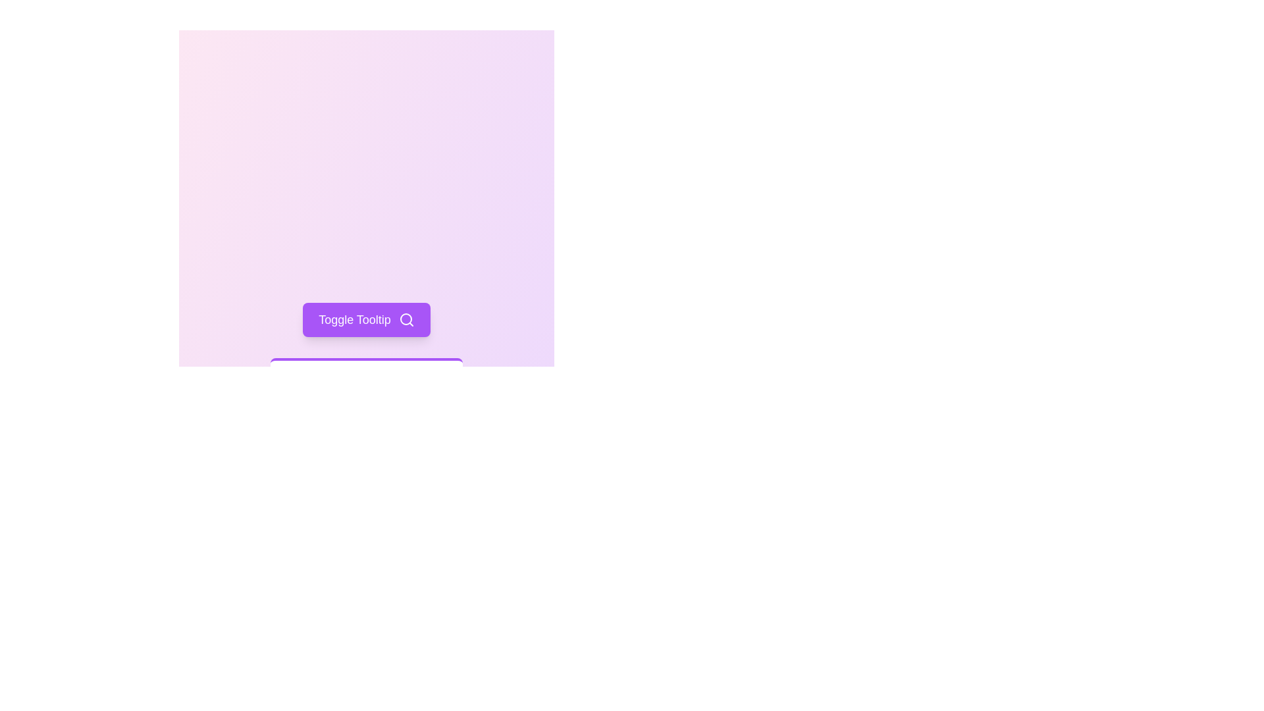 This screenshot has height=711, width=1264. I want to click on the search icon located within the rectangular purple button labeled 'Toggle Tooltip', so click(406, 320).